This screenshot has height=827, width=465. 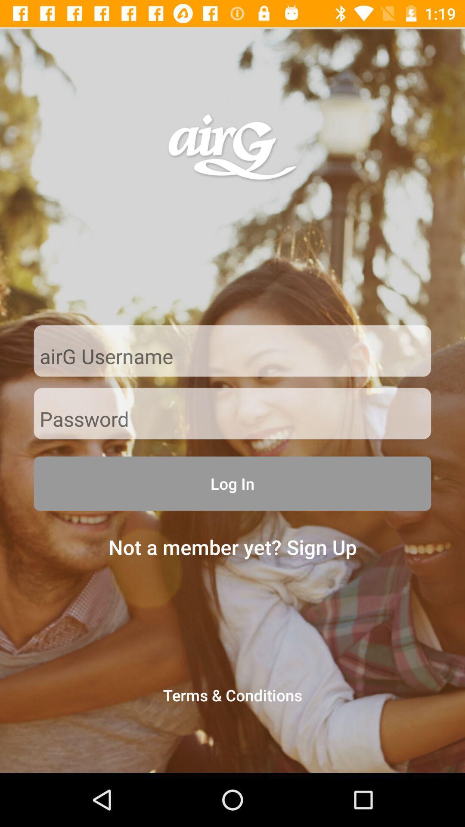 I want to click on write the username, so click(x=232, y=357).